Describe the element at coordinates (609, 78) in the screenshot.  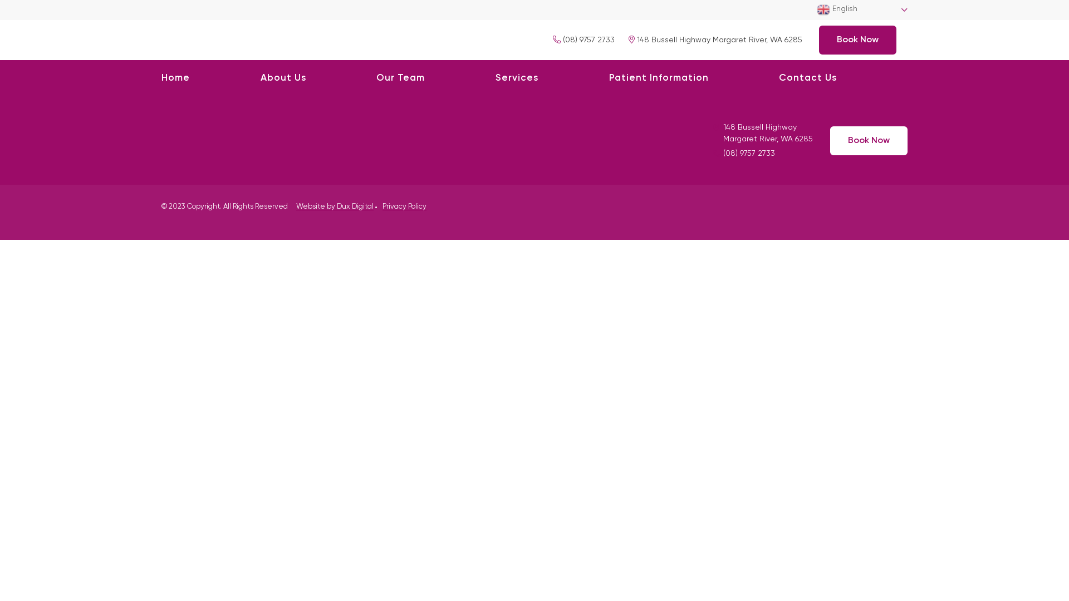
I see `'Patient Information'` at that location.